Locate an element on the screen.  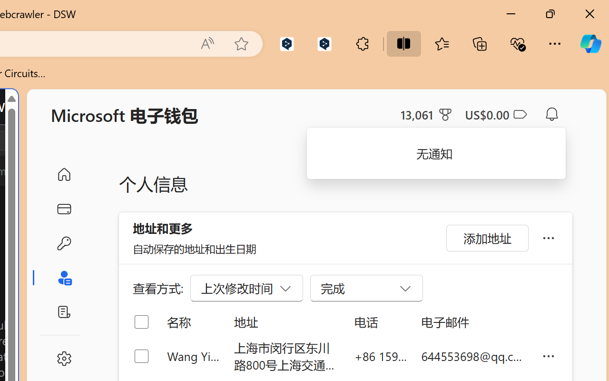
'Class: ___1lmltc5 f1agt3bx f12qytpq' is located at coordinates (519, 114).